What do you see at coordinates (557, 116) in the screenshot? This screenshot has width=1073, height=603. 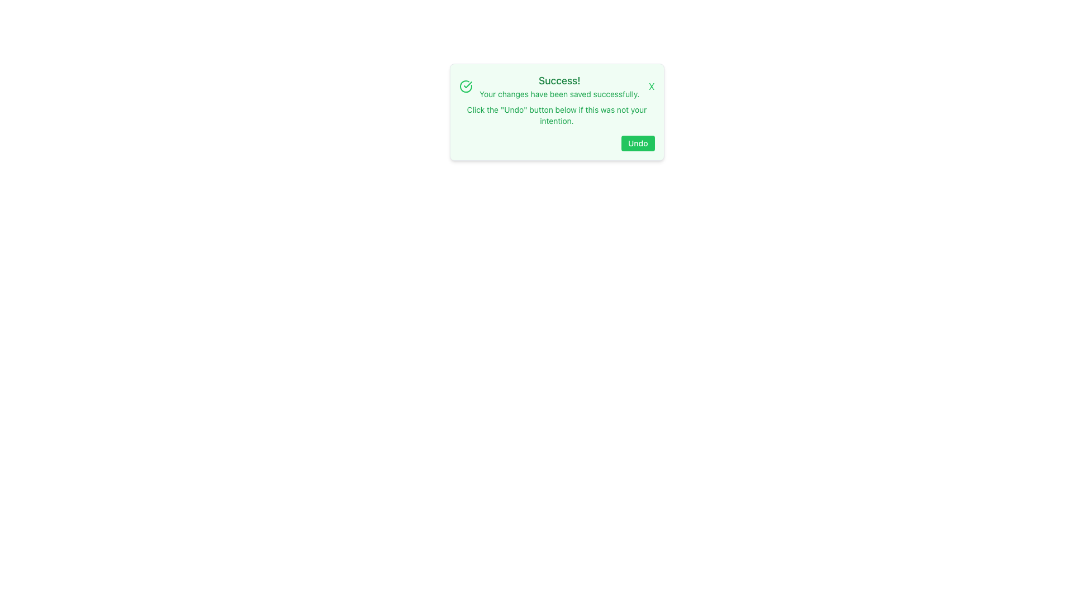 I see `the green styled text label displaying the message 'Click the "Undo" button below if this was not your intention.' which is located in the notification card after the title 'Success!'` at bounding box center [557, 116].